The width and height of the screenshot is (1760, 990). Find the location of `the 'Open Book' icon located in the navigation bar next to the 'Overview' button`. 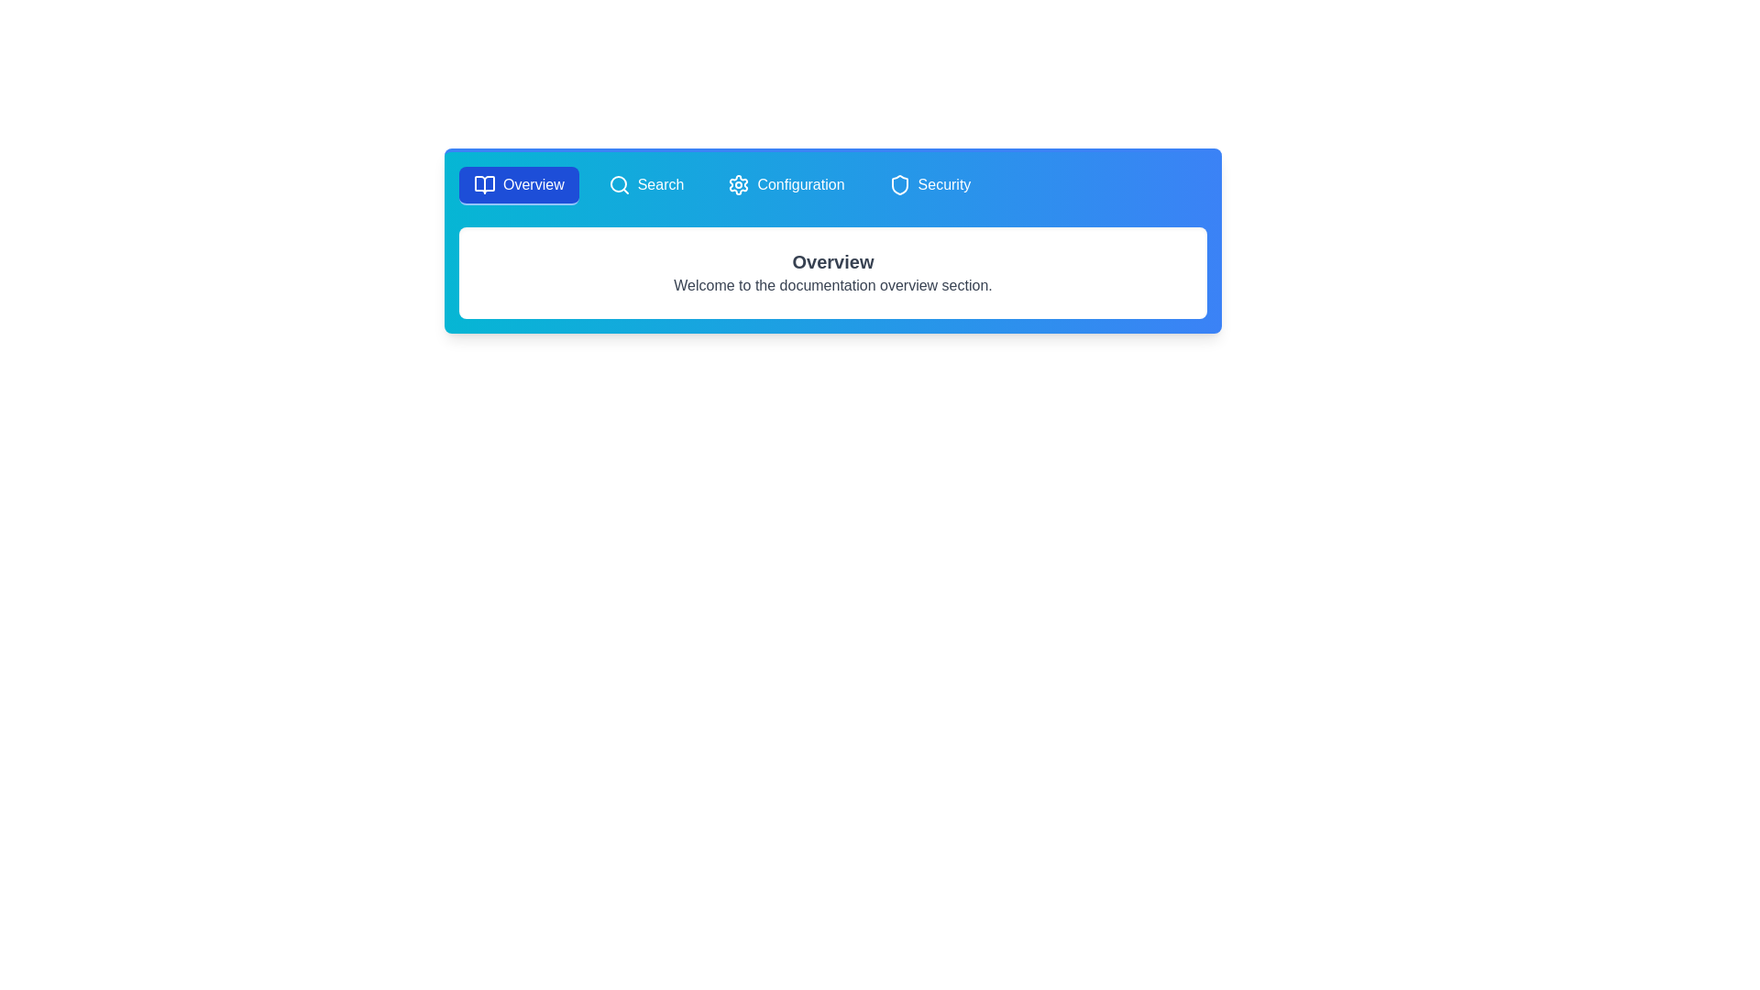

the 'Open Book' icon located in the navigation bar next to the 'Overview' button is located at coordinates (484, 184).